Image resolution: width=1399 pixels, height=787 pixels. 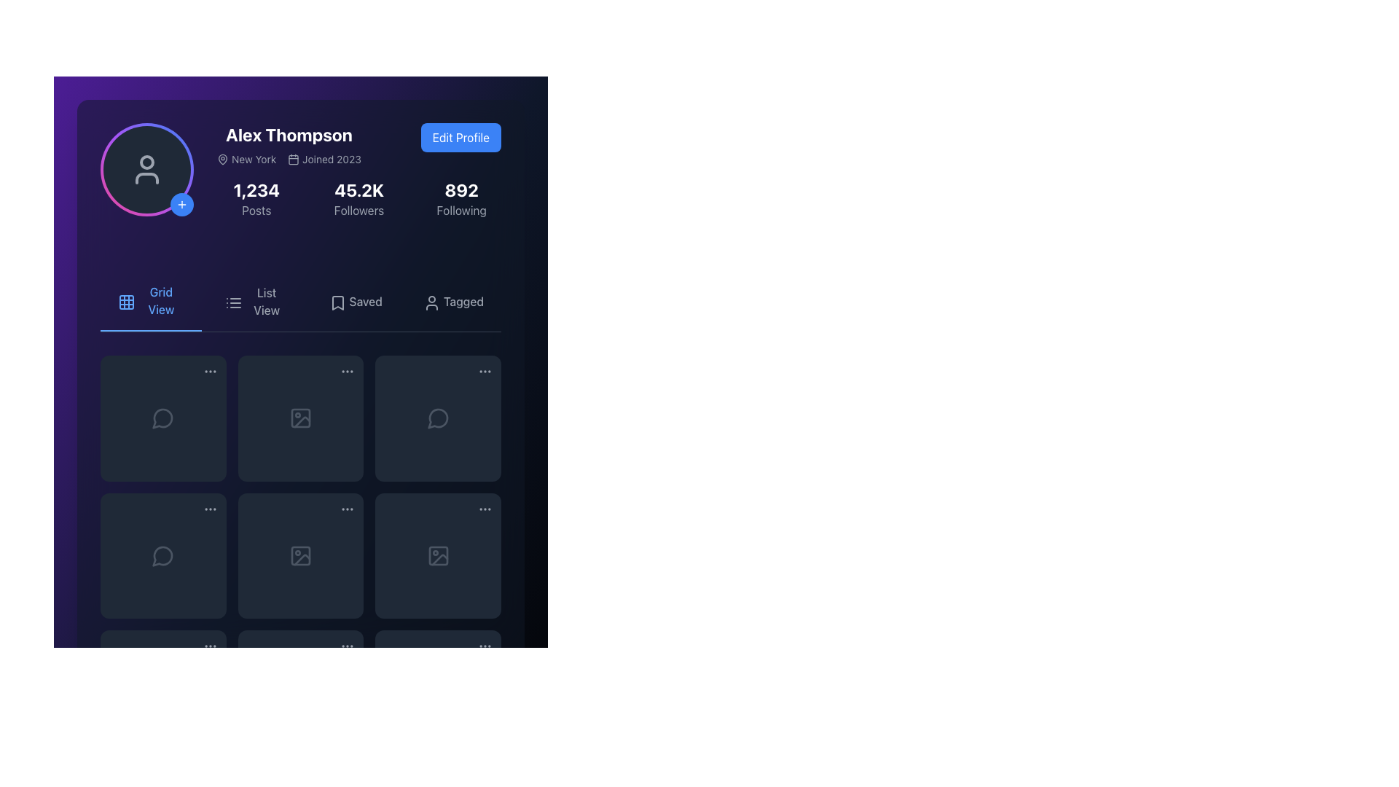 What do you see at coordinates (289, 135) in the screenshot?
I see `the text label displaying 'Alex Thompson'` at bounding box center [289, 135].